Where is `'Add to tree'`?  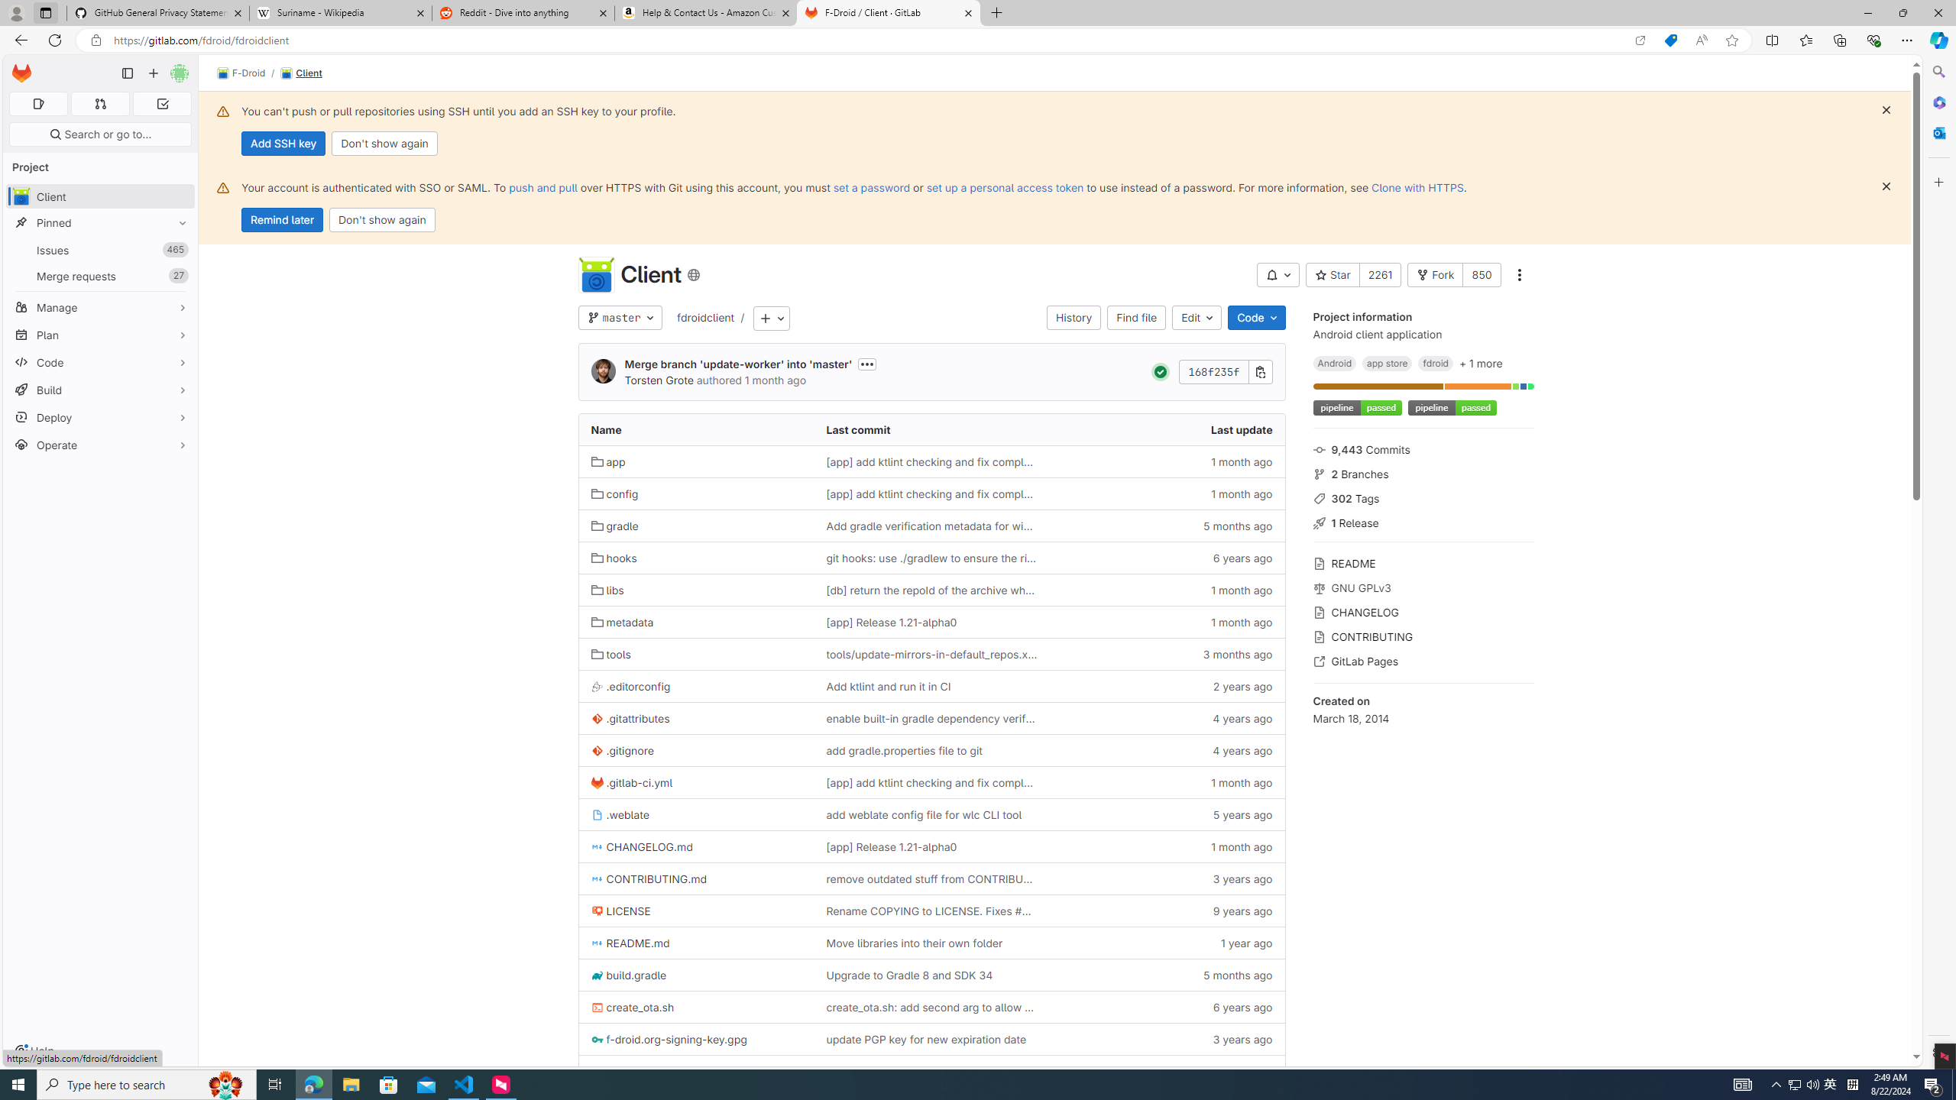
'Add to tree' is located at coordinates (770, 317).